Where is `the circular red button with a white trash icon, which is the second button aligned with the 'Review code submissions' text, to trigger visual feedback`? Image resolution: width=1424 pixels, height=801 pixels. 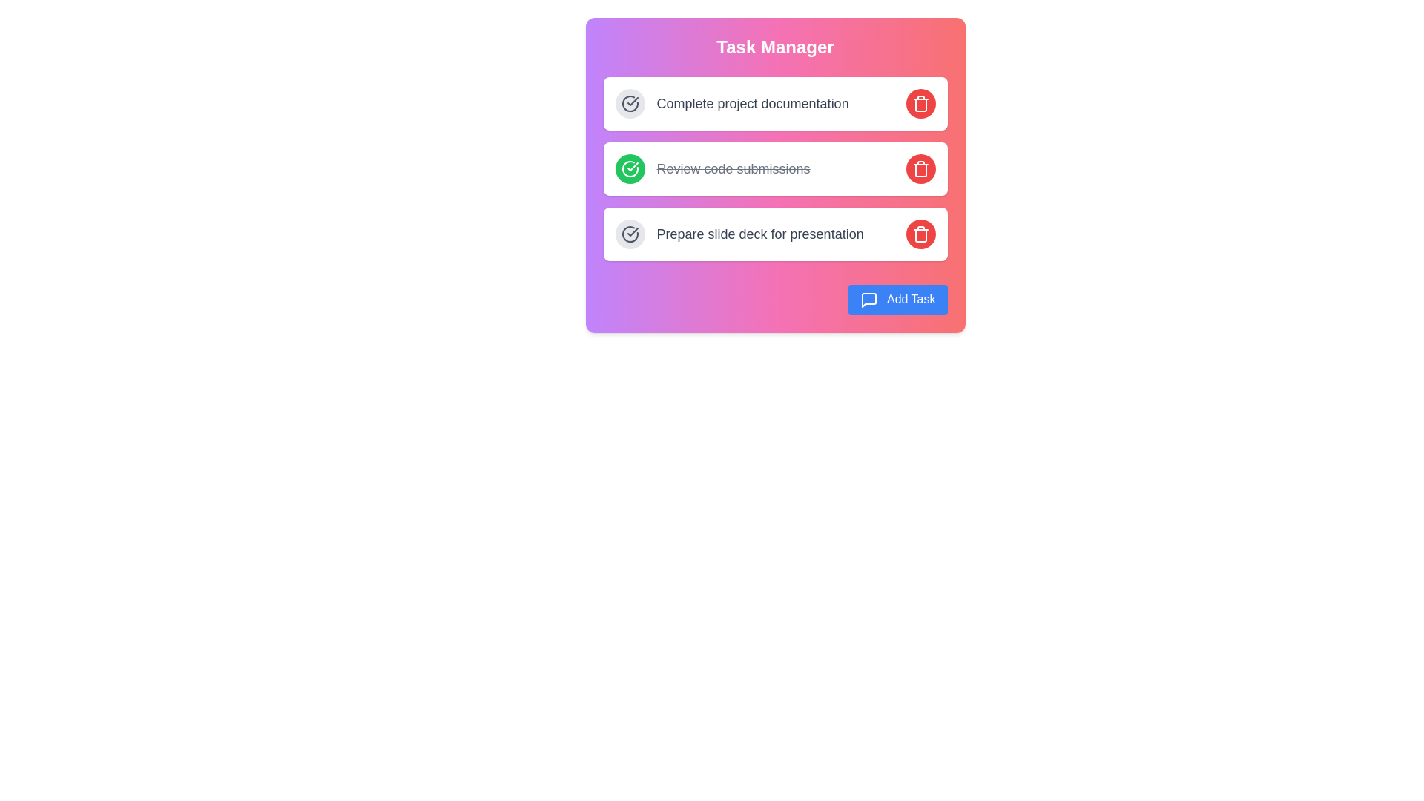 the circular red button with a white trash icon, which is the second button aligned with the 'Review code submissions' text, to trigger visual feedback is located at coordinates (920, 168).